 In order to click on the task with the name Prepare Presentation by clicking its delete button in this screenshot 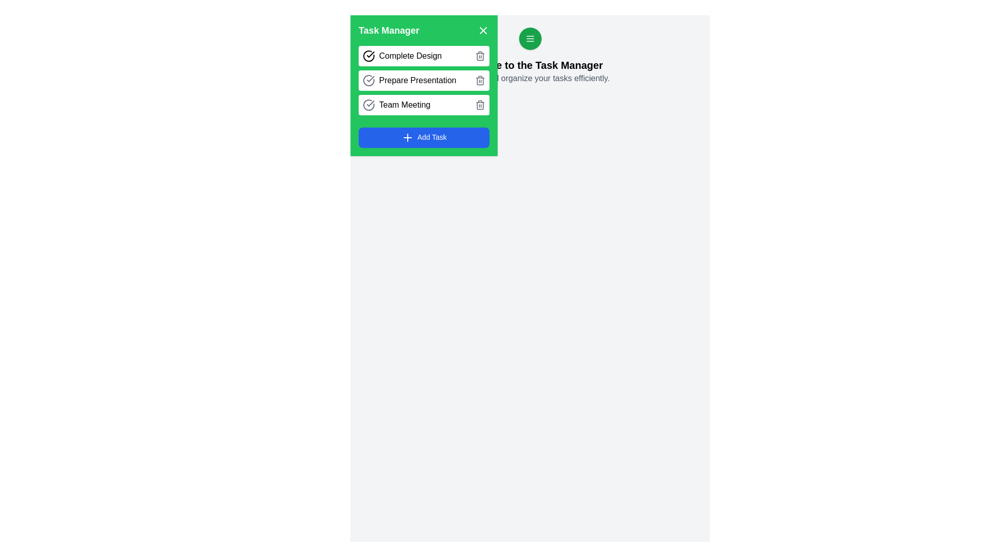, I will do `click(480, 80)`.